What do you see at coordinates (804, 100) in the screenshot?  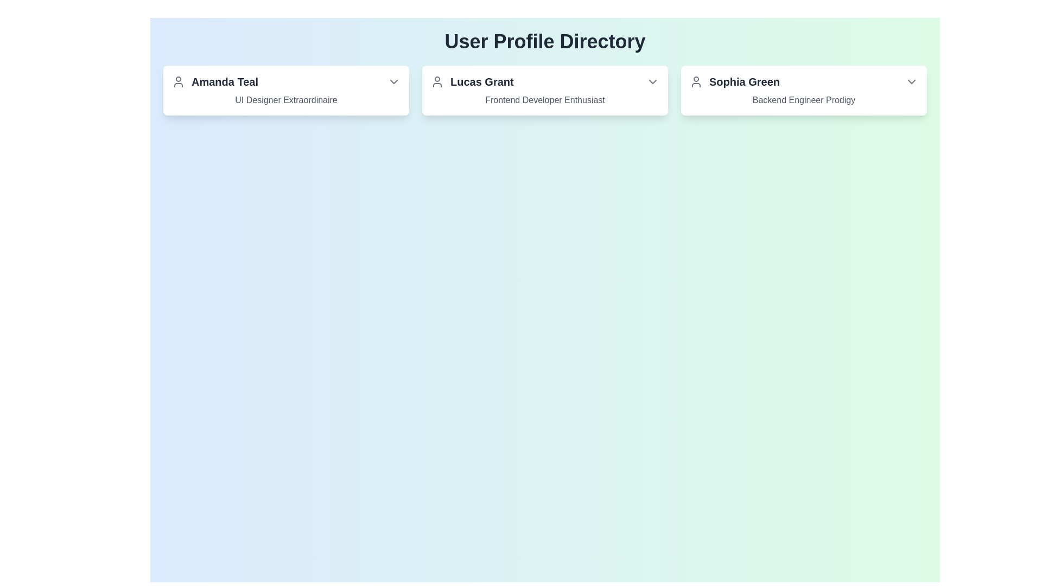 I see `the text label displaying 'Backend Engineer Prodigy' in the user profile of 'Sophia Green' card` at bounding box center [804, 100].